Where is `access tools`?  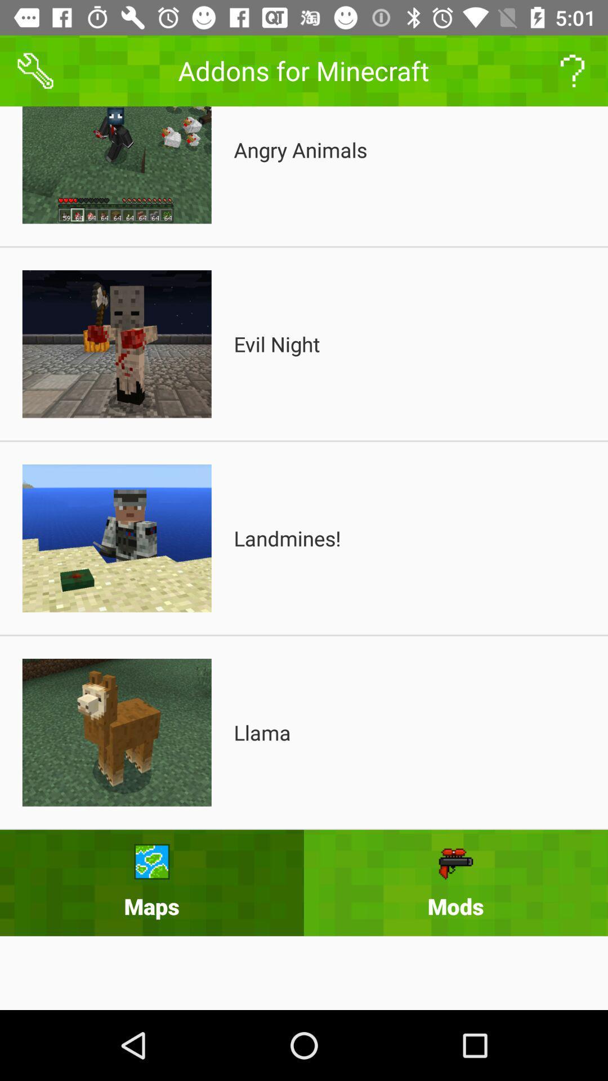
access tools is located at coordinates (34, 70).